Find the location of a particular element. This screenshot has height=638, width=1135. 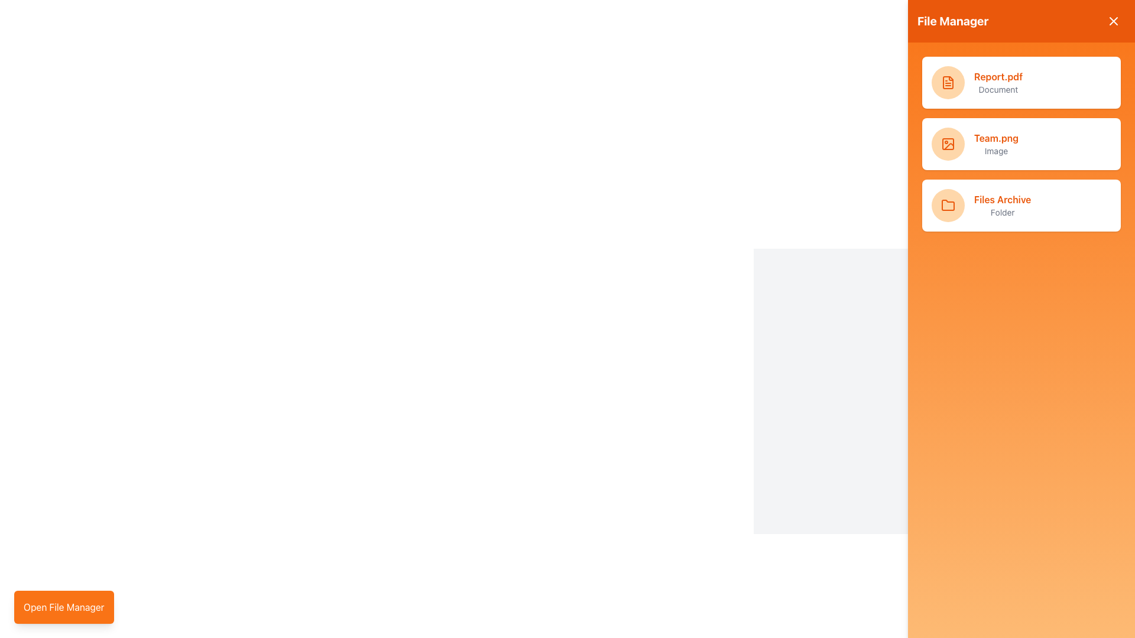

the 'Files Archive' folder label in the file manager is located at coordinates (1002, 204).